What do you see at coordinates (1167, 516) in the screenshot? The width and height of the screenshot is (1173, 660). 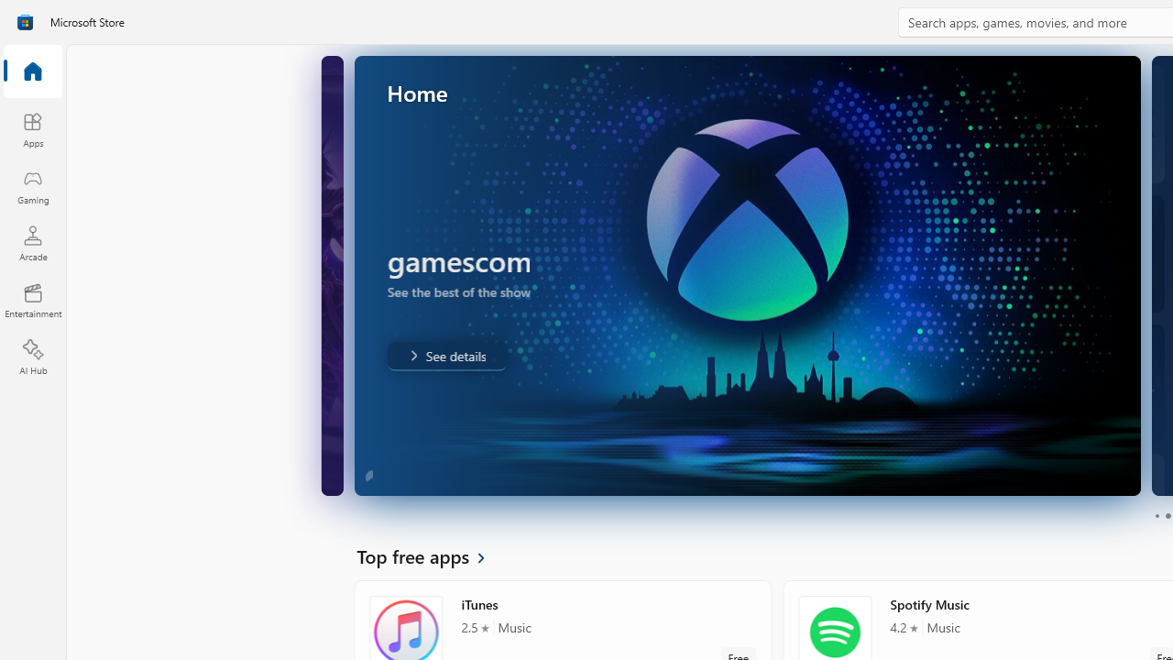 I see `'Page 2'` at bounding box center [1167, 516].